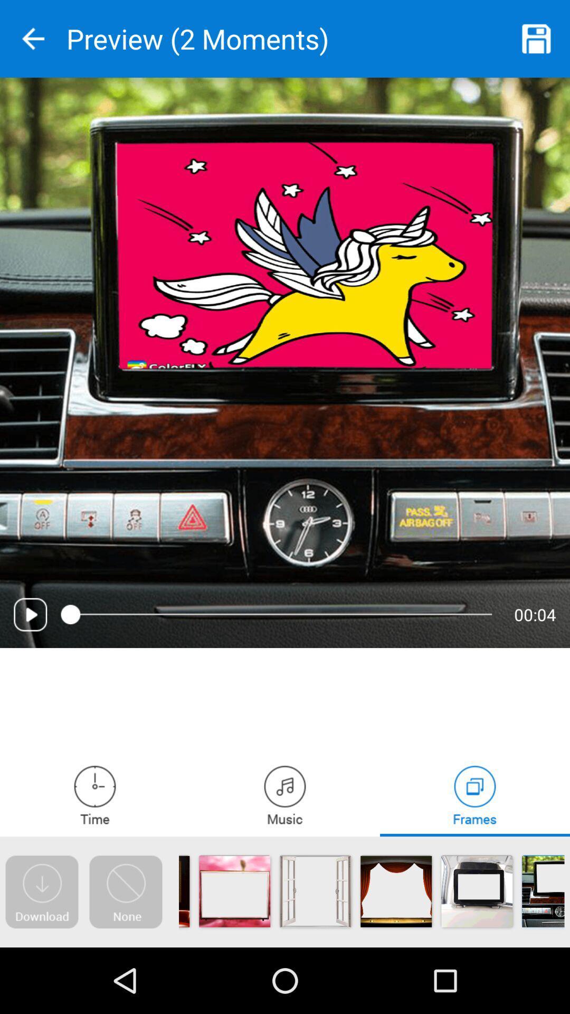 The height and width of the screenshot is (1014, 570). I want to click on go back, so click(32, 39).